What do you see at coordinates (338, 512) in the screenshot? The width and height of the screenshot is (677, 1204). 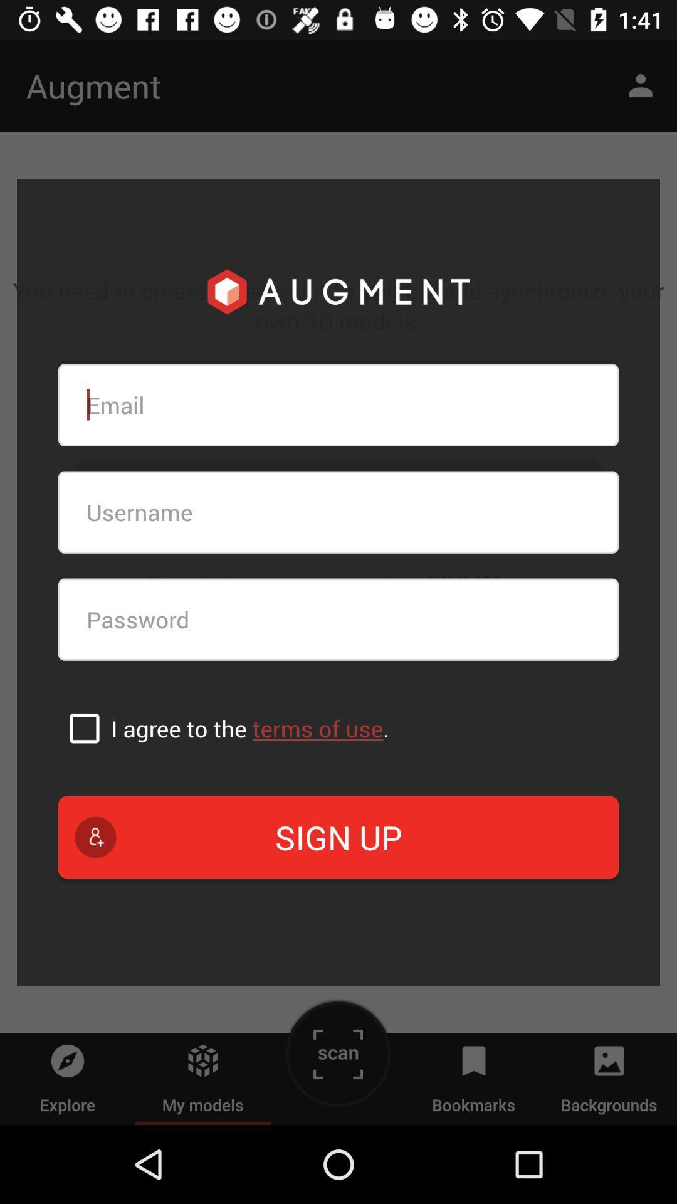 I see `username input field` at bounding box center [338, 512].